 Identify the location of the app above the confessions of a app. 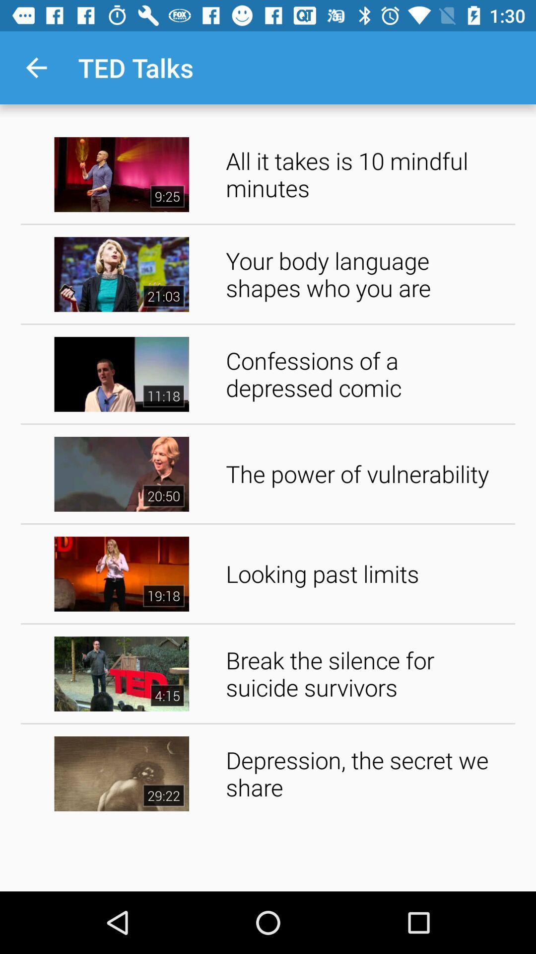
(367, 274).